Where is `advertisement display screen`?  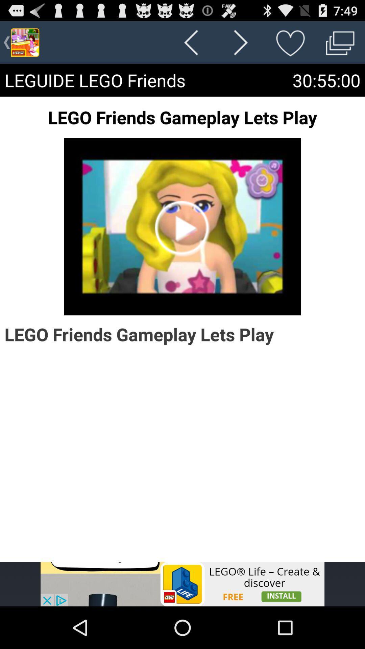 advertisement display screen is located at coordinates (182, 584).